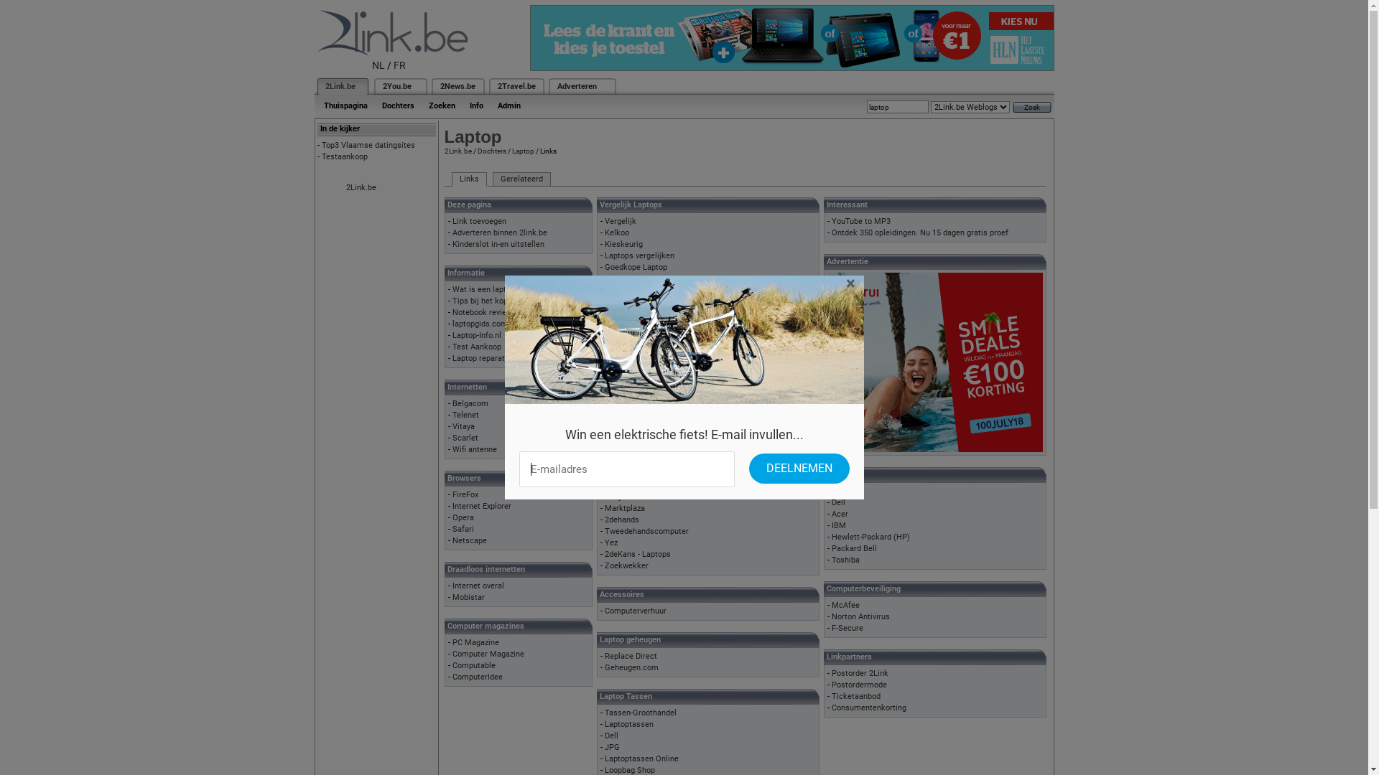 Image resolution: width=1379 pixels, height=775 pixels. Describe the element at coordinates (368, 145) in the screenshot. I see `'Top3 Vlaamse datingsites'` at that location.